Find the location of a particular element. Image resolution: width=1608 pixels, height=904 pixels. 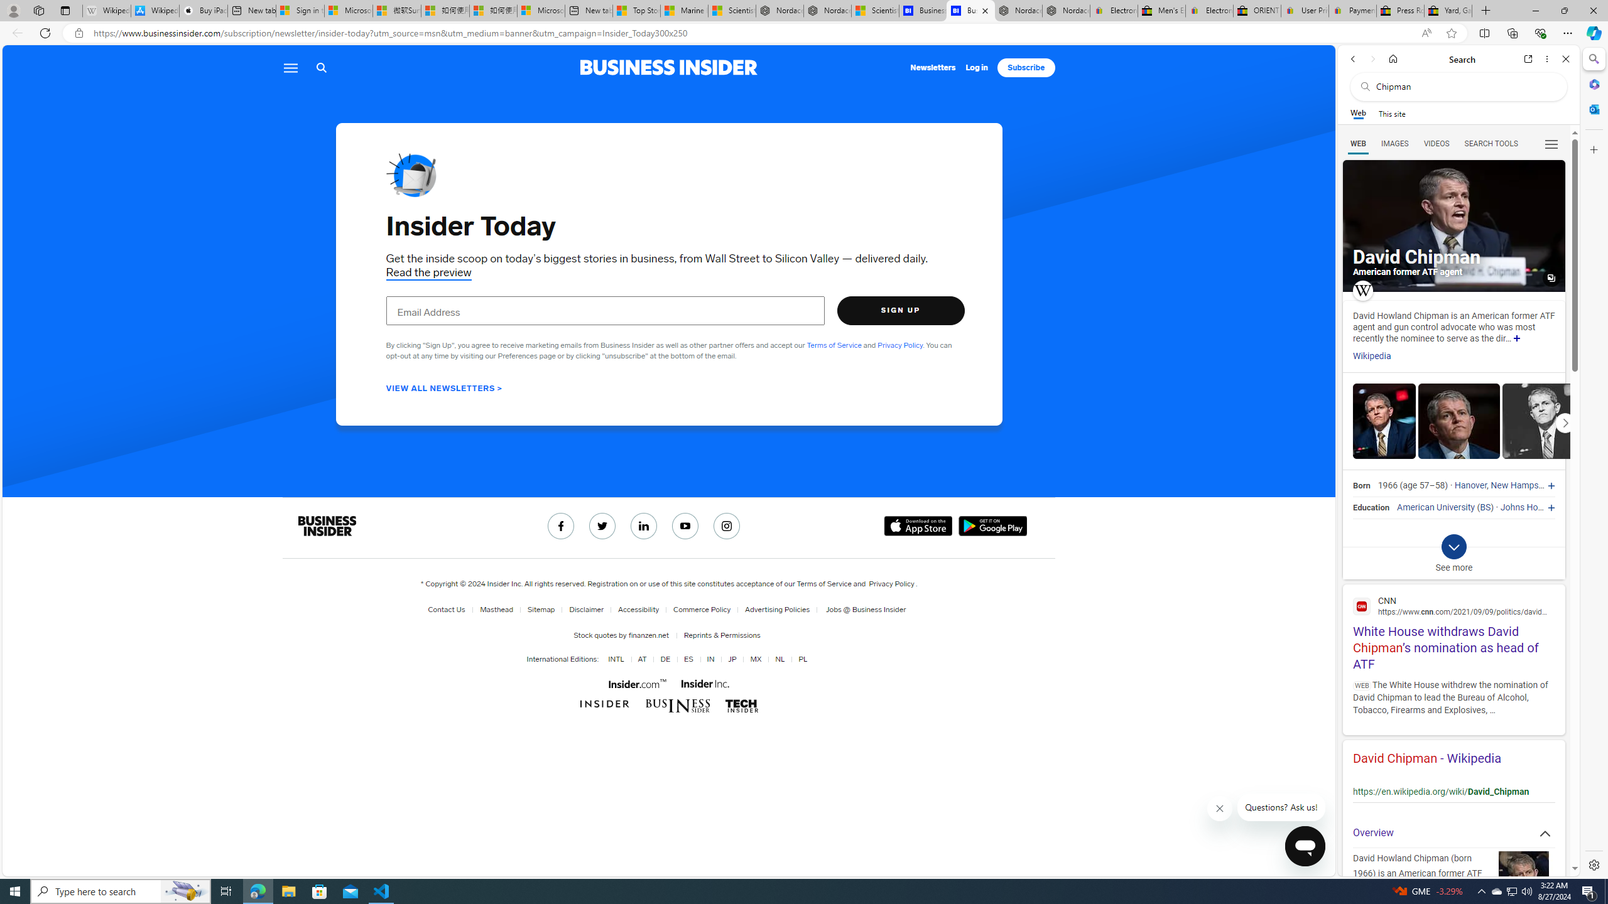

'Reprints & Permissions' is located at coordinates (719, 635).